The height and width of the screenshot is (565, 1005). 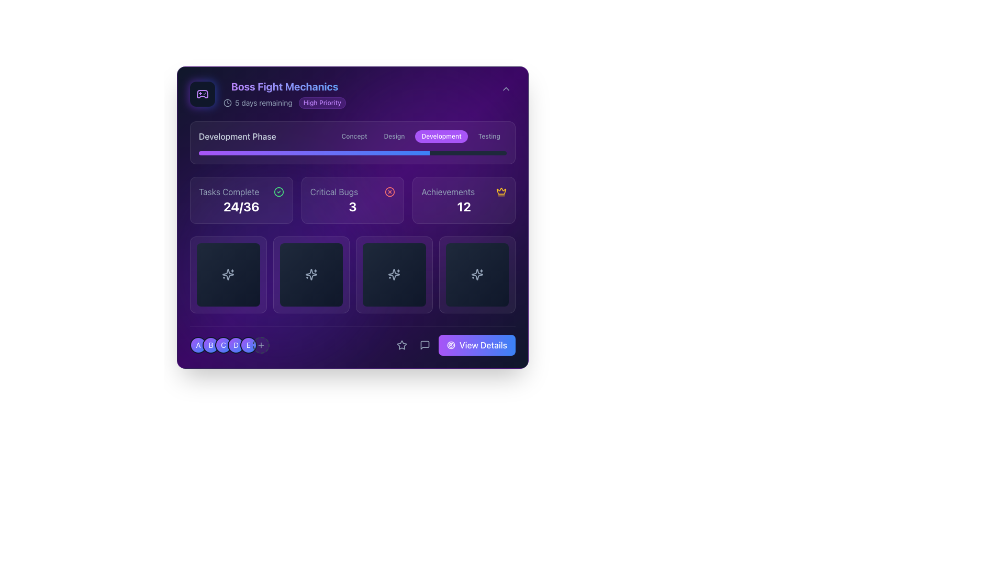 I want to click on the 'Testing' button located in the top-right section of the interface, so click(x=488, y=136).